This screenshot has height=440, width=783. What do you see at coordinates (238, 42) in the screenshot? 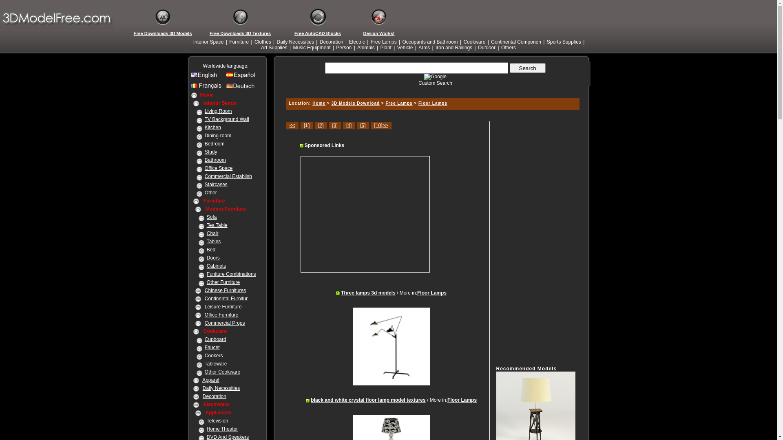
I see `'Furniture'` at bounding box center [238, 42].